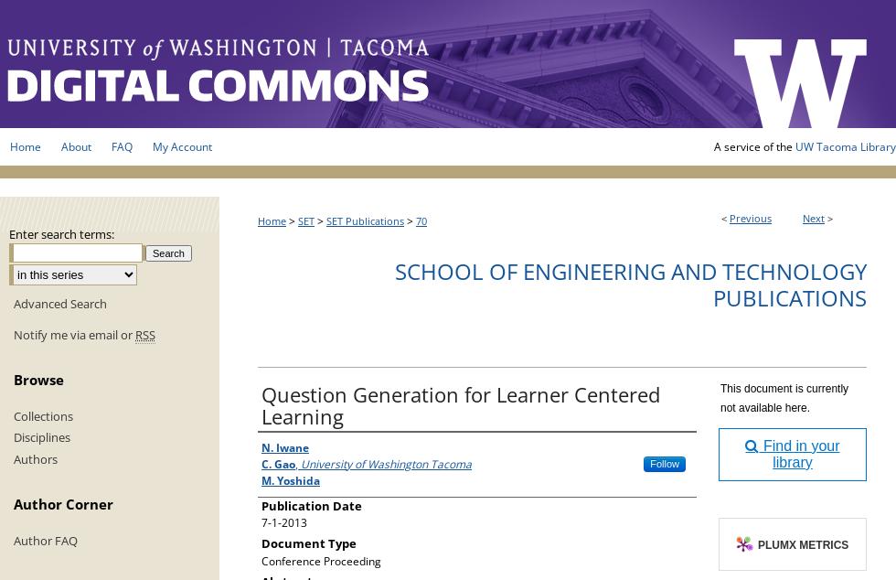 This screenshot has width=896, height=580. I want to click on 'Publication Date', so click(312, 504).